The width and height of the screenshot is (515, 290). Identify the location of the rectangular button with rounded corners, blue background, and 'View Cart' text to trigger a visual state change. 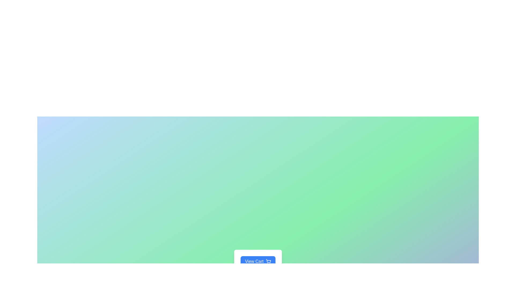
(258, 261).